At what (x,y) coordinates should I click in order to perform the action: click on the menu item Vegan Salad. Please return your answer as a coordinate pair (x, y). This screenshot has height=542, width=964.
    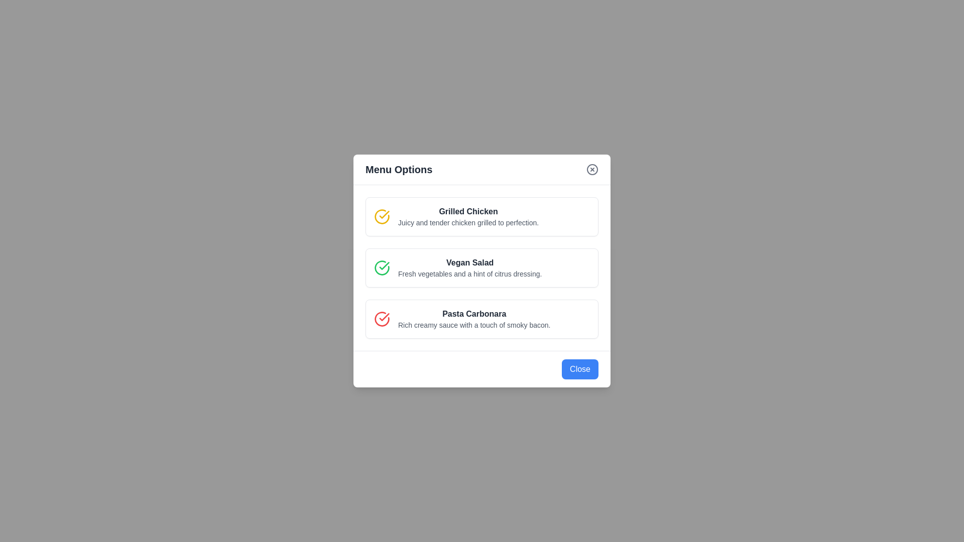
    Looking at the image, I should click on (482, 267).